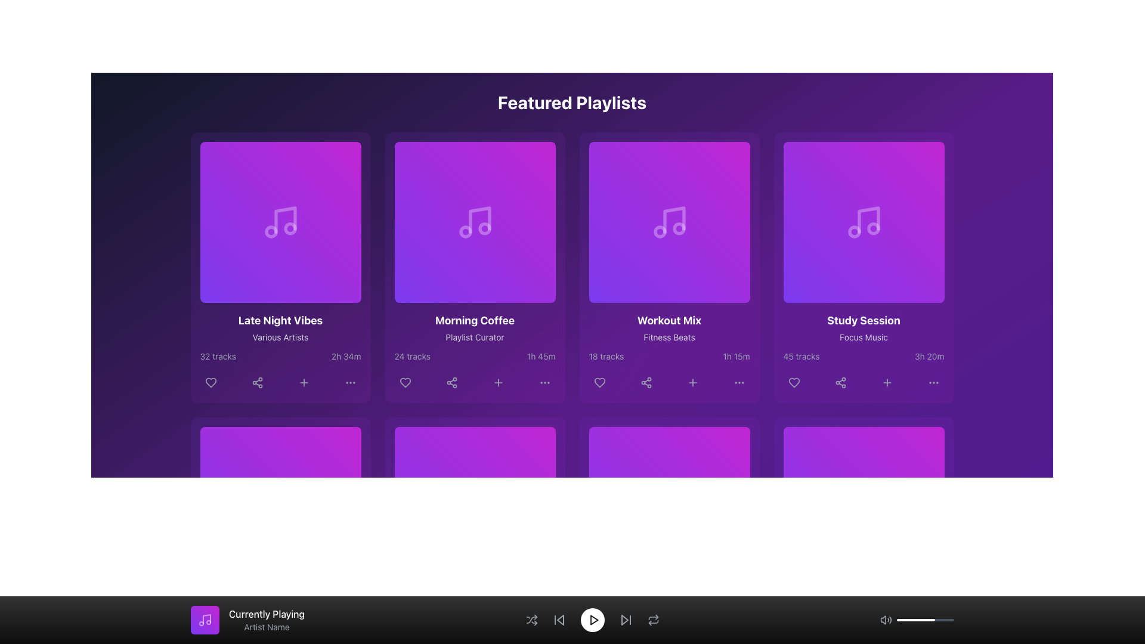 This screenshot has height=644, width=1145. What do you see at coordinates (476, 222) in the screenshot?
I see `the triangular play button icon located at the center of the music note icon in the 'Morning Coffee' playlist card` at bounding box center [476, 222].